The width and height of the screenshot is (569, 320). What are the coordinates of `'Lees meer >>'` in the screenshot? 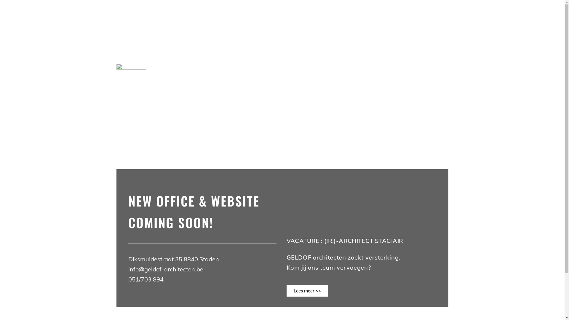 It's located at (307, 290).